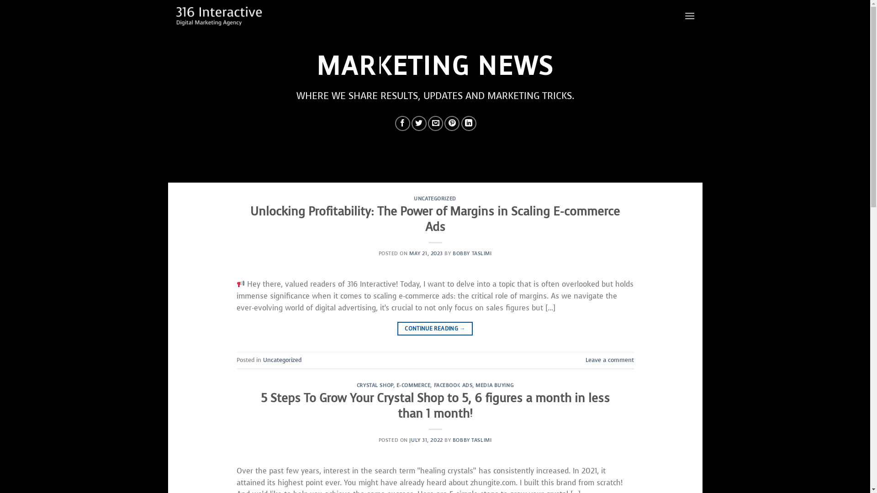 The height and width of the screenshot is (493, 877). Describe the element at coordinates (413, 385) in the screenshot. I see `'E-COMMERCE'` at that location.